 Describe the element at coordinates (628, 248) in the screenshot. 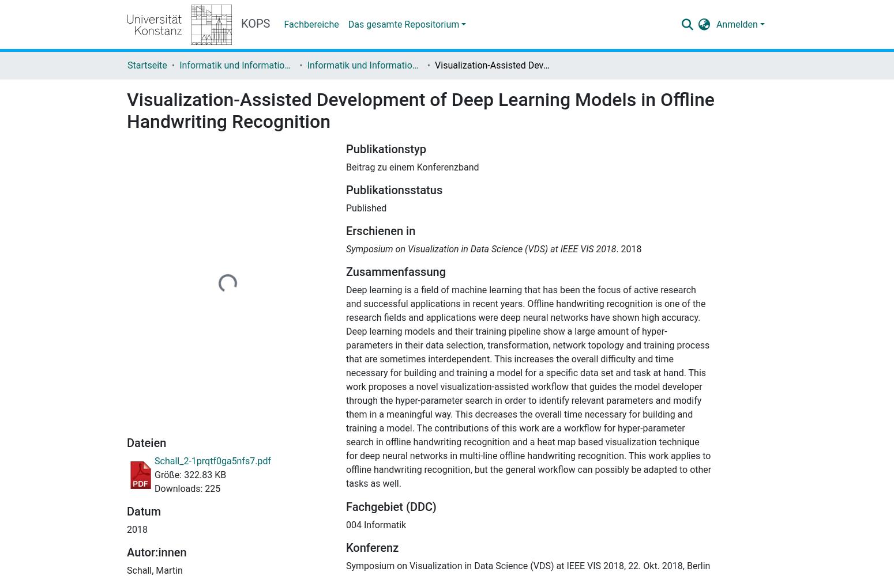

I see `'. 2018'` at that location.